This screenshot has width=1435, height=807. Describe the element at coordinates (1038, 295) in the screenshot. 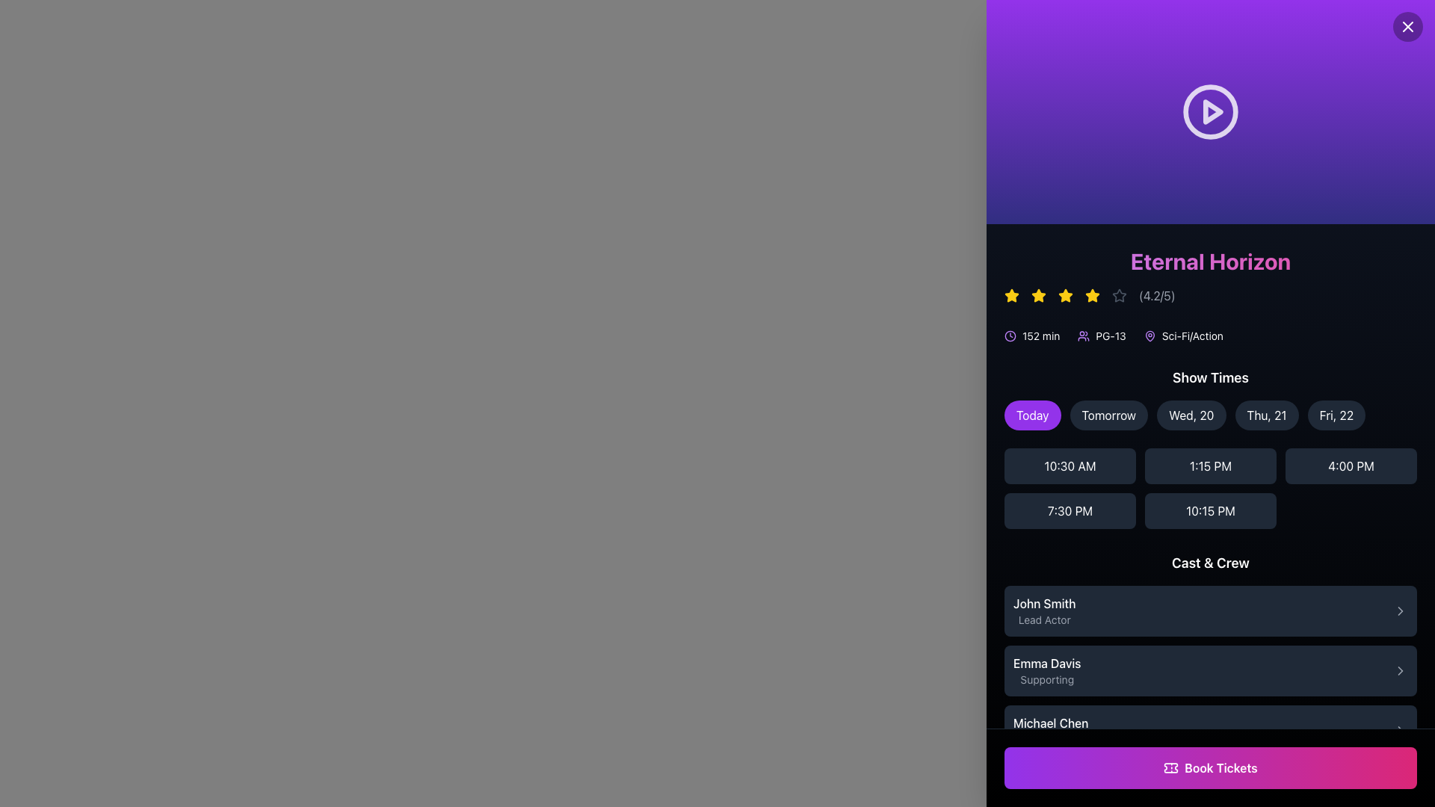

I see `the second star icon in the rating system` at that location.